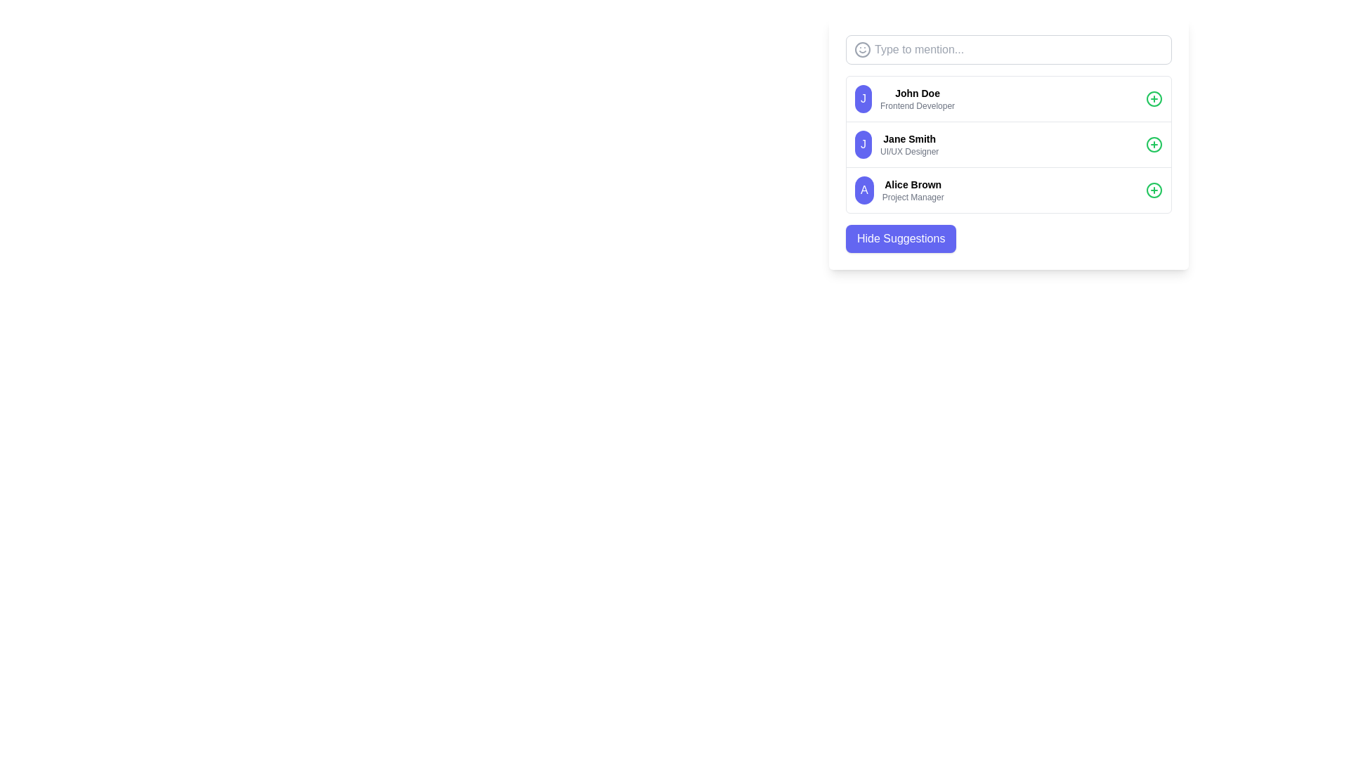  I want to click on the circular Avatar button with a purple background and a white letter 'J' for 'Jane Smith', located in the top-right section of the layout, so click(862, 144).